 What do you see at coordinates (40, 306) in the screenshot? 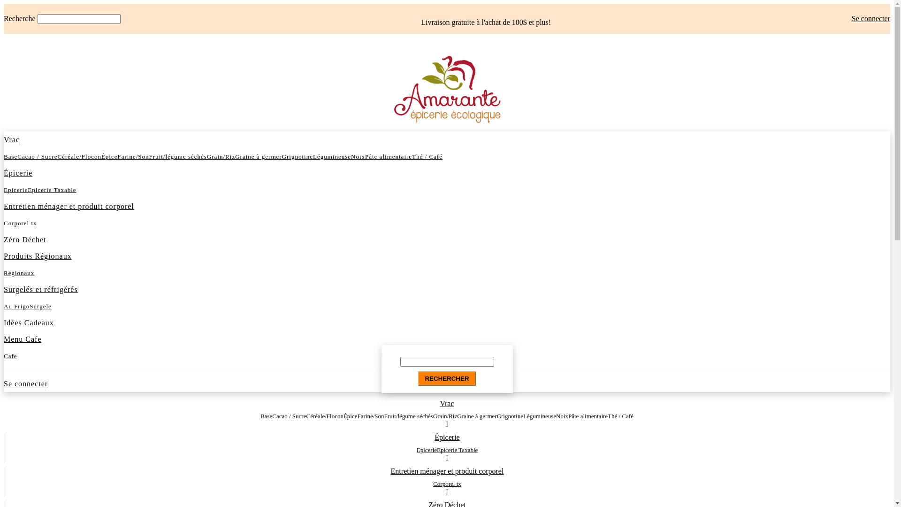
I see `'Surgele'` at bounding box center [40, 306].